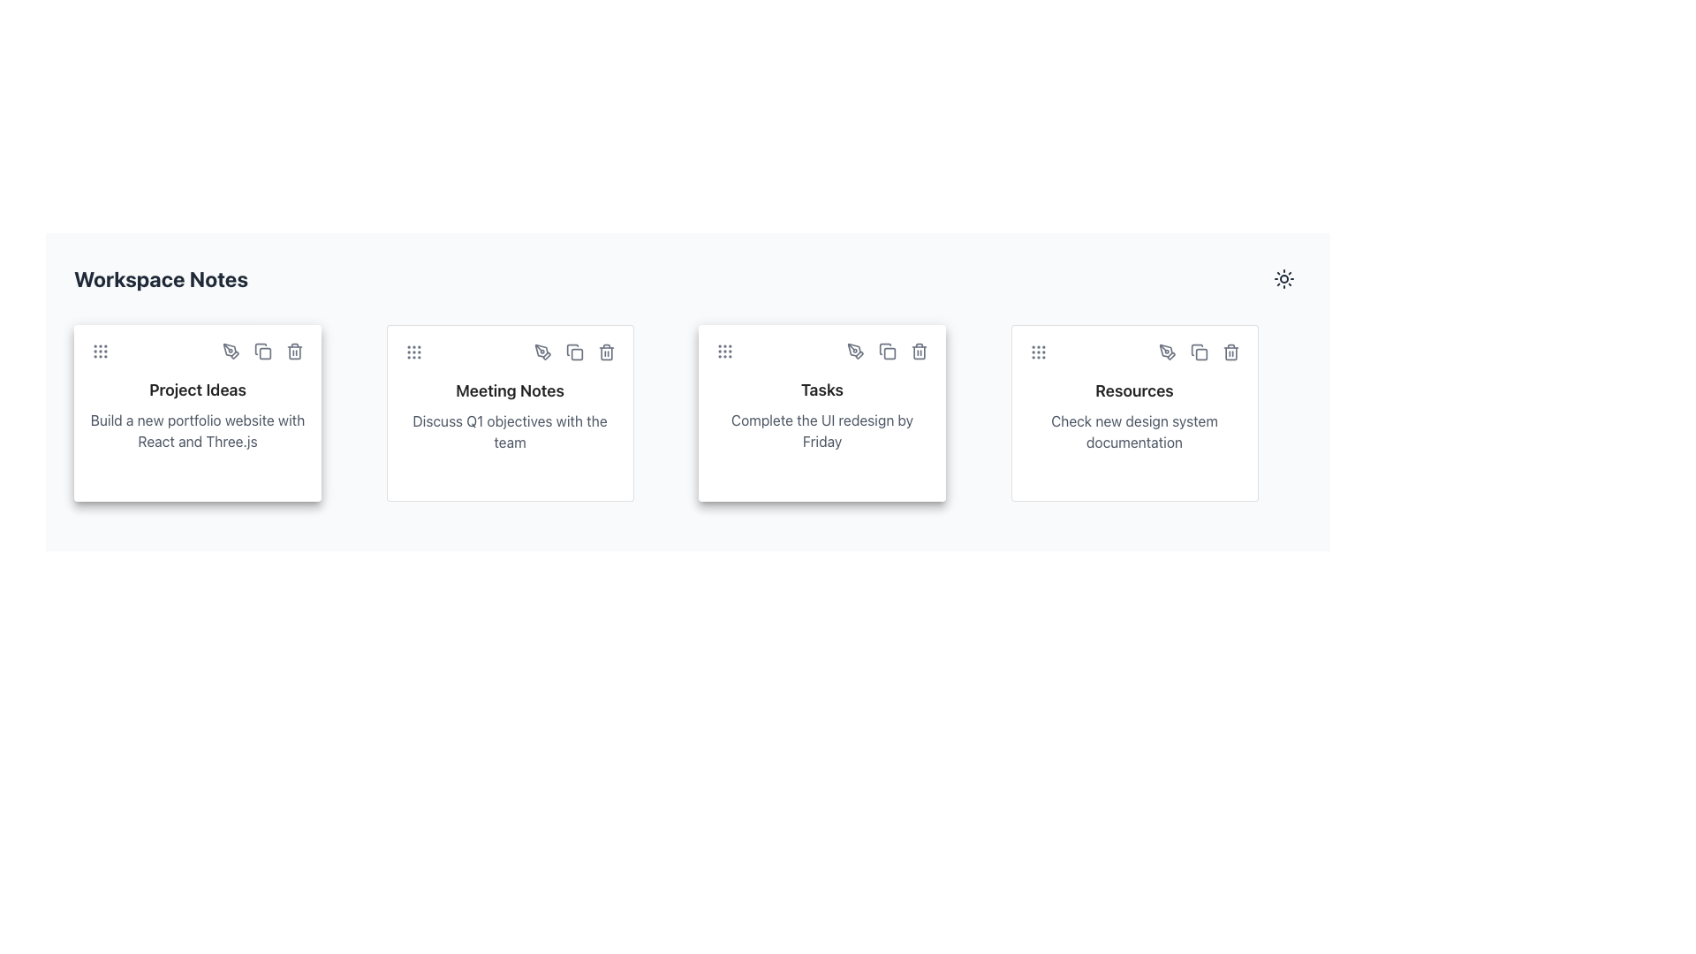  Describe the element at coordinates (821, 431) in the screenshot. I see `the text block that reads 'Complete the UI redesign by Friday' located within the 'Tasks' card` at that location.